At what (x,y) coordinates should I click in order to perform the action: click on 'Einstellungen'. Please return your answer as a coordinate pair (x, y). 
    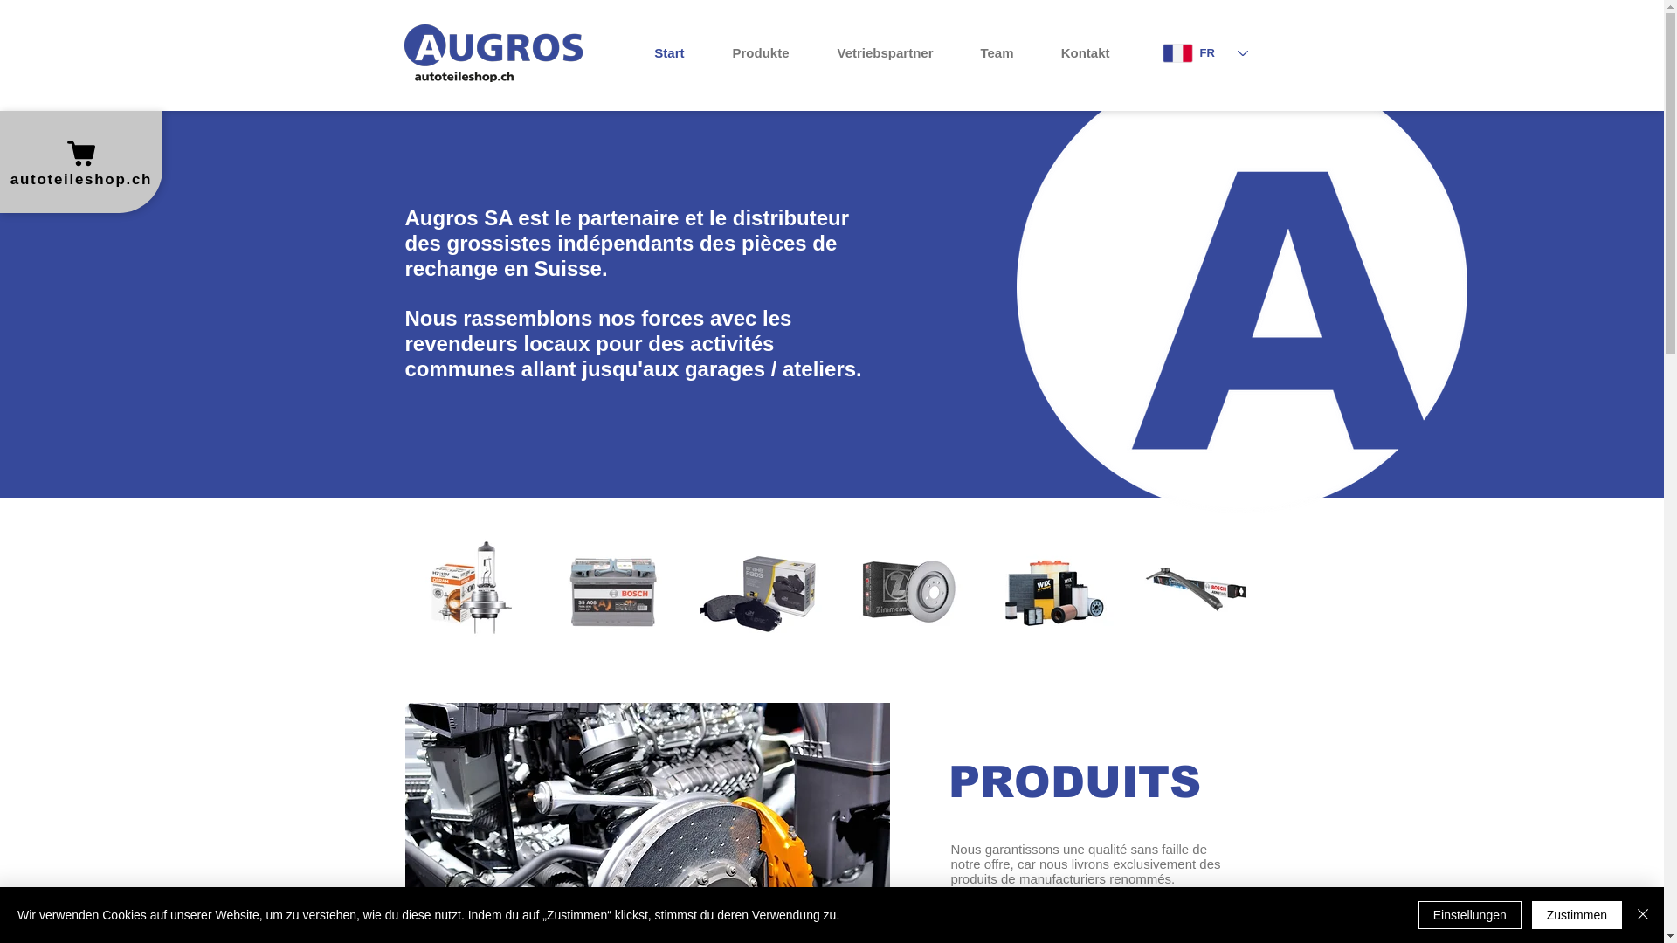
    Looking at the image, I should click on (1418, 914).